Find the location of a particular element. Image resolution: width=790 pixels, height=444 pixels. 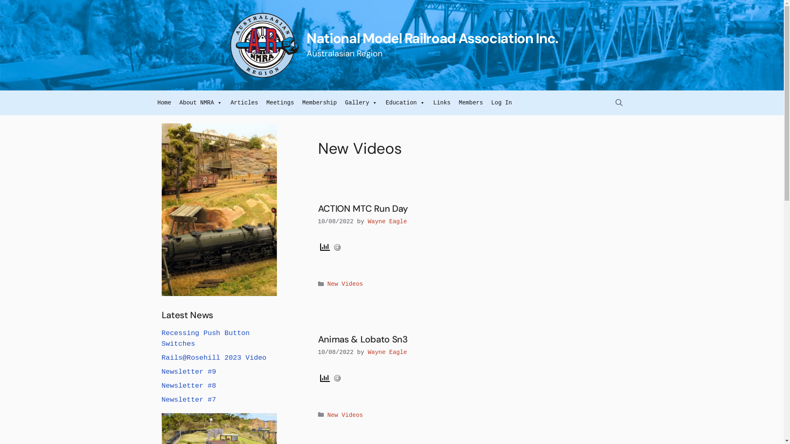

'Gallery' is located at coordinates (361, 102).